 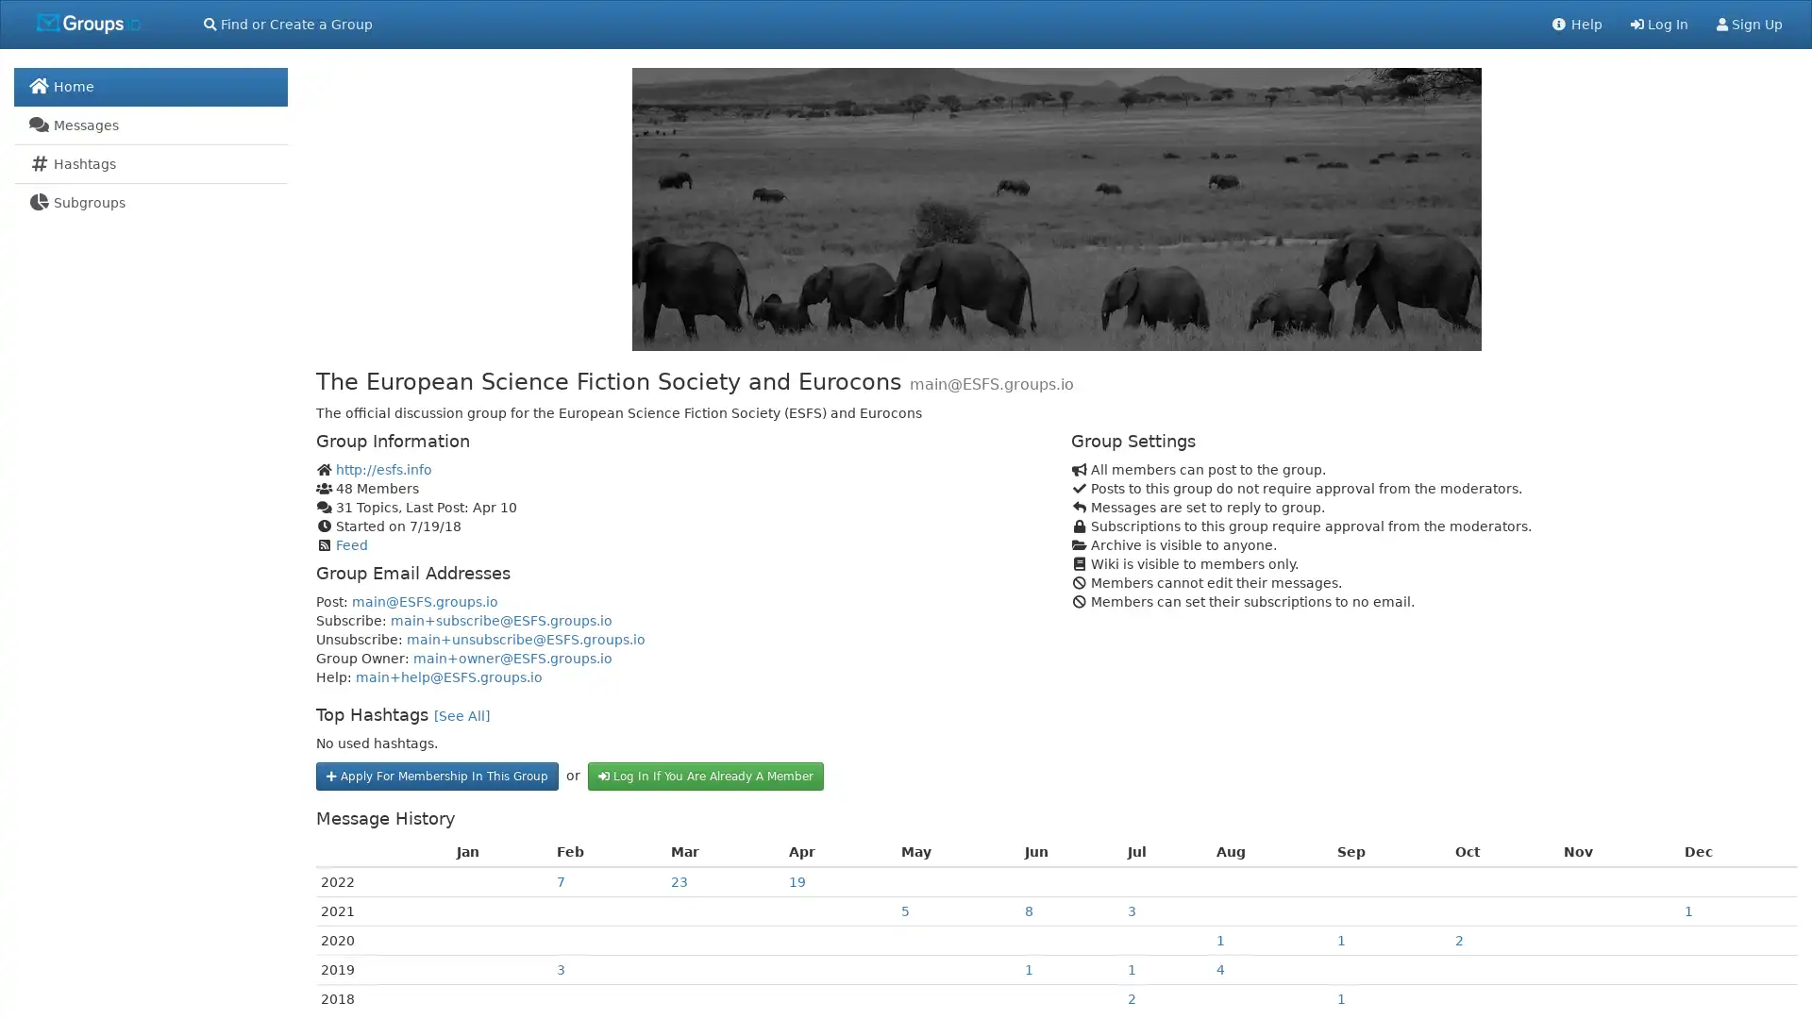 What do you see at coordinates (435, 775) in the screenshot?
I see `Apply For Membership In This Group` at bounding box center [435, 775].